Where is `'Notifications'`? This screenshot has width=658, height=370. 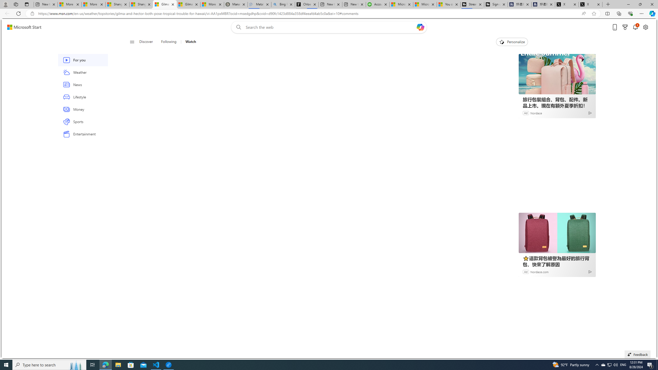
'Notifications' is located at coordinates (635, 27).